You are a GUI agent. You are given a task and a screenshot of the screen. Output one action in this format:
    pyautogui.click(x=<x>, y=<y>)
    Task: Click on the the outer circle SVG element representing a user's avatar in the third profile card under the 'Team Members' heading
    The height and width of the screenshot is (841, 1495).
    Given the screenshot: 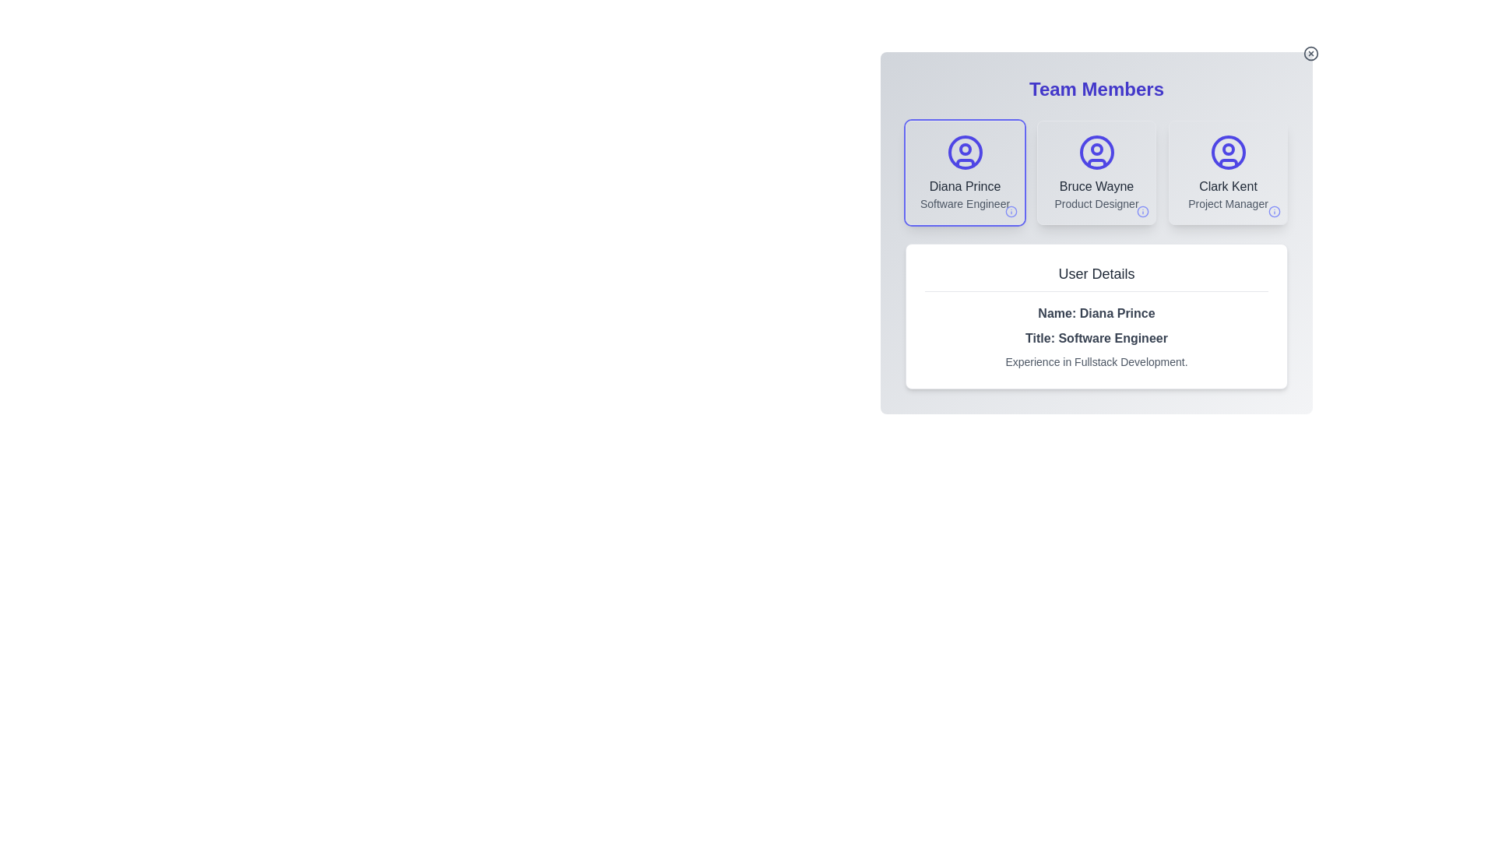 What is the action you would take?
    pyautogui.click(x=1227, y=153)
    